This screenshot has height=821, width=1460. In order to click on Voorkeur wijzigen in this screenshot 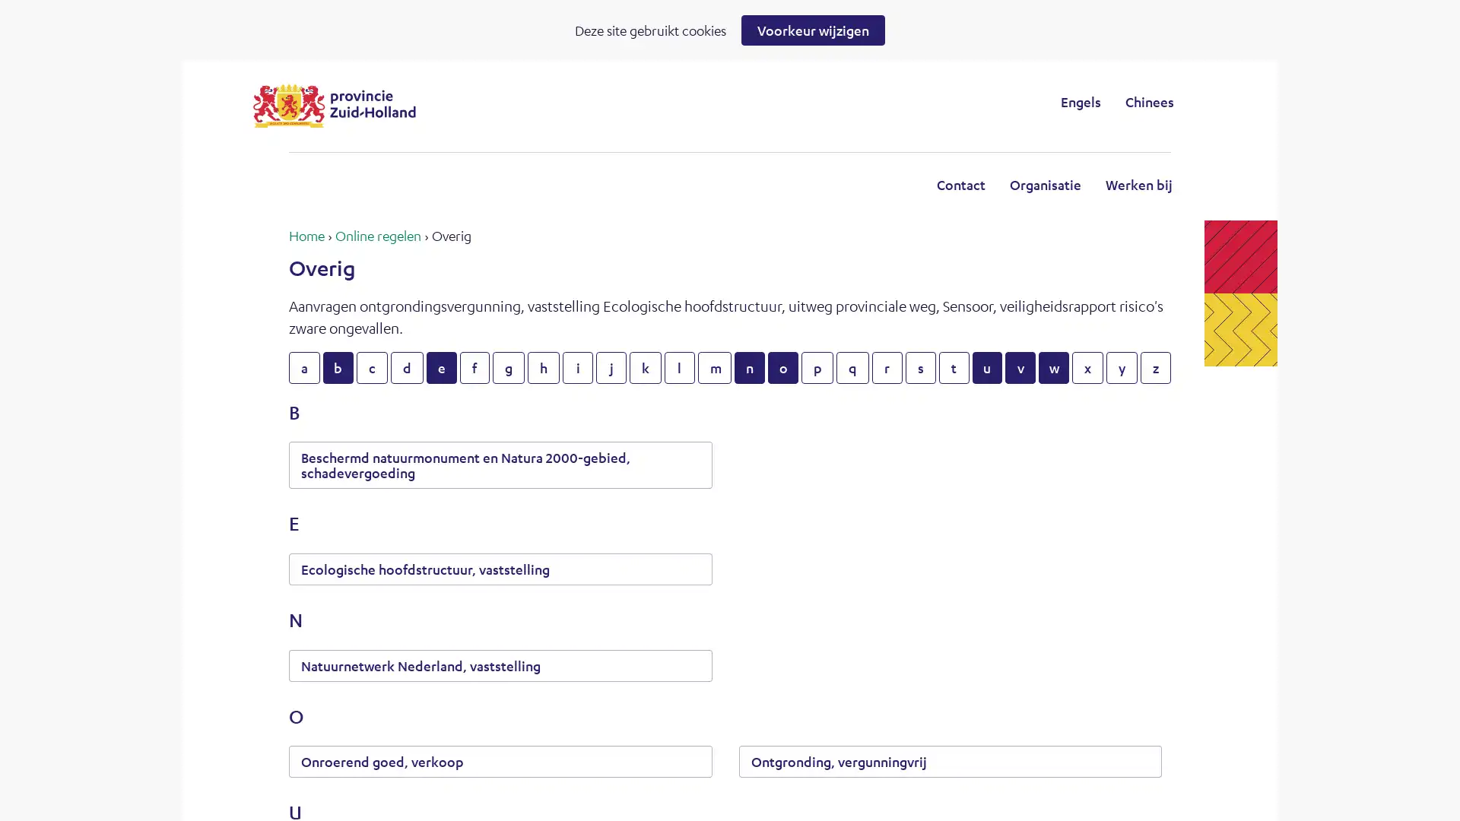, I will do `click(812, 30)`.